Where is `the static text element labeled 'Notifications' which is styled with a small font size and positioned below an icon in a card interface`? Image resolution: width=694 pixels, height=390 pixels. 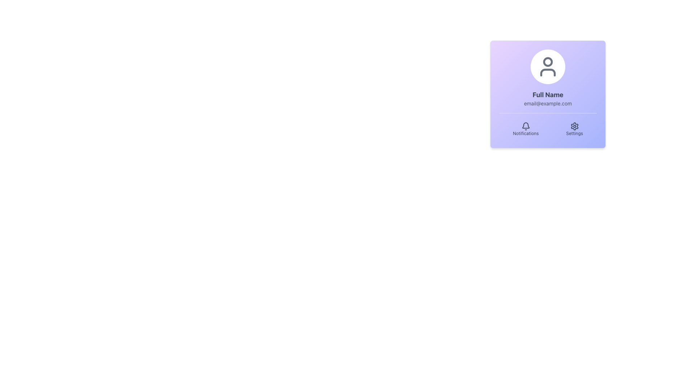
the static text element labeled 'Notifications' which is styled with a small font size and positioned below an icon in a card interface is located at coordinates (526, 134).